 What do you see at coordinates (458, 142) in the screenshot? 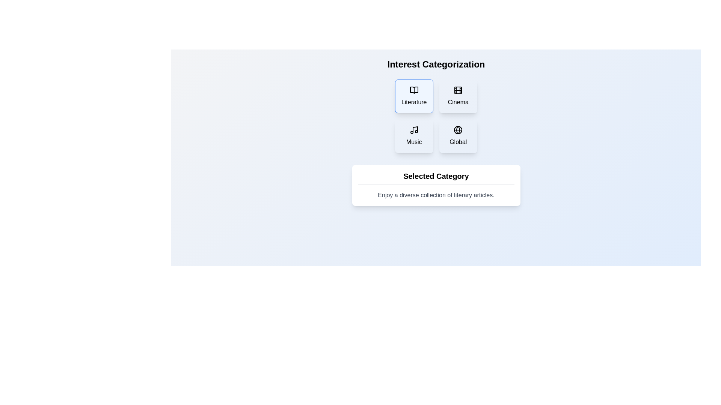
I see `the text label indicating 'Global' aspects located in the bottom-right card of a four-card grid layout, positioned below the globe icon` at bounding box center [458, 142].